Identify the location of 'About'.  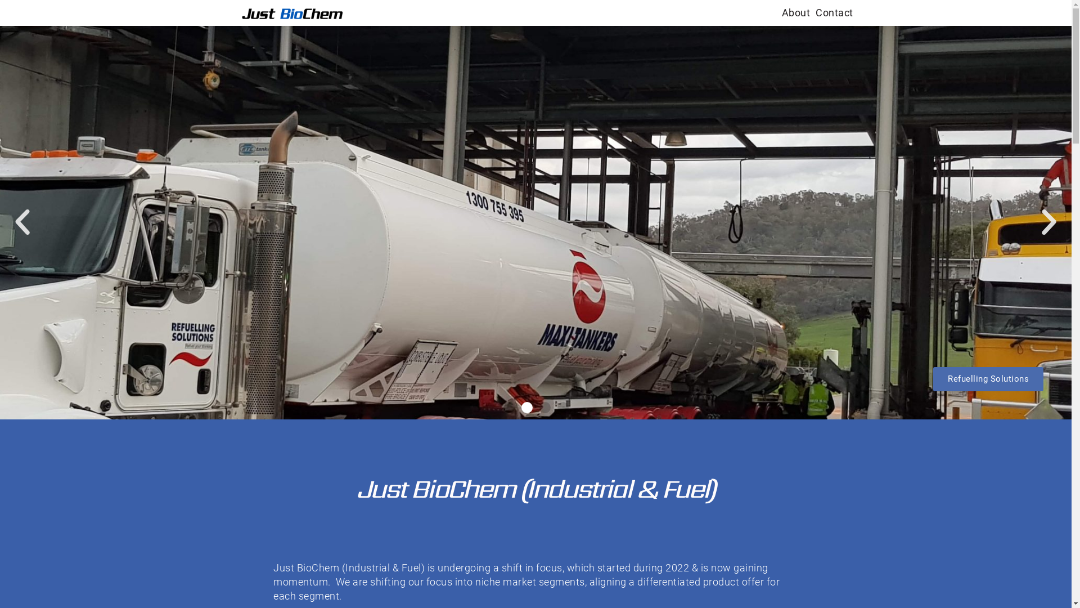
(795, 13).